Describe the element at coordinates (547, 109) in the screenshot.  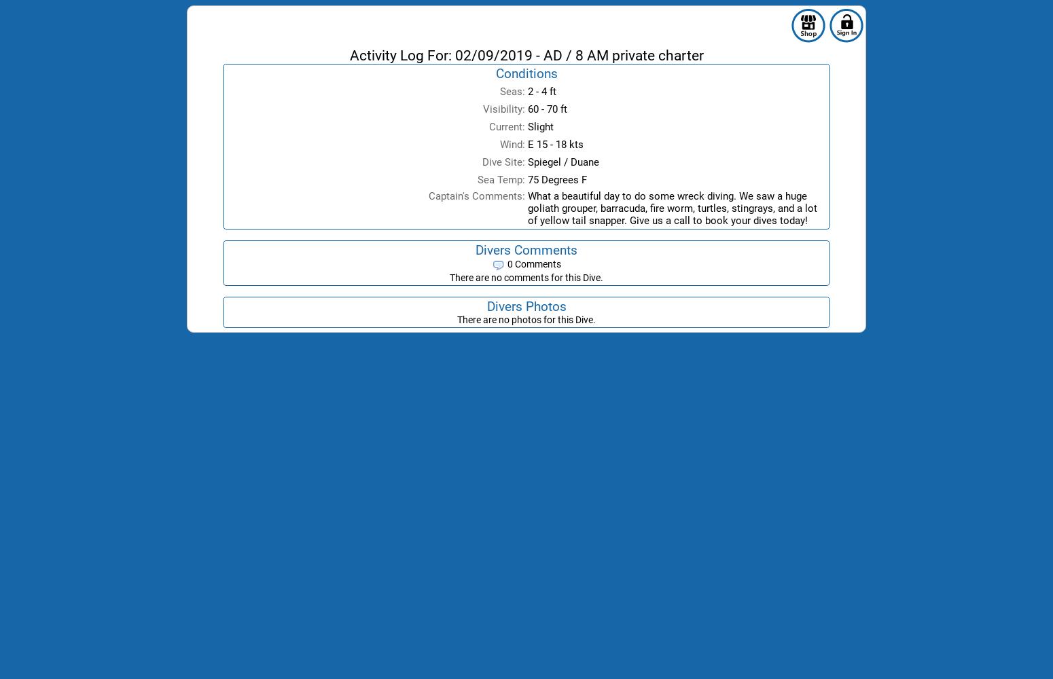
I see `'60 - 70 ft'` at that location.